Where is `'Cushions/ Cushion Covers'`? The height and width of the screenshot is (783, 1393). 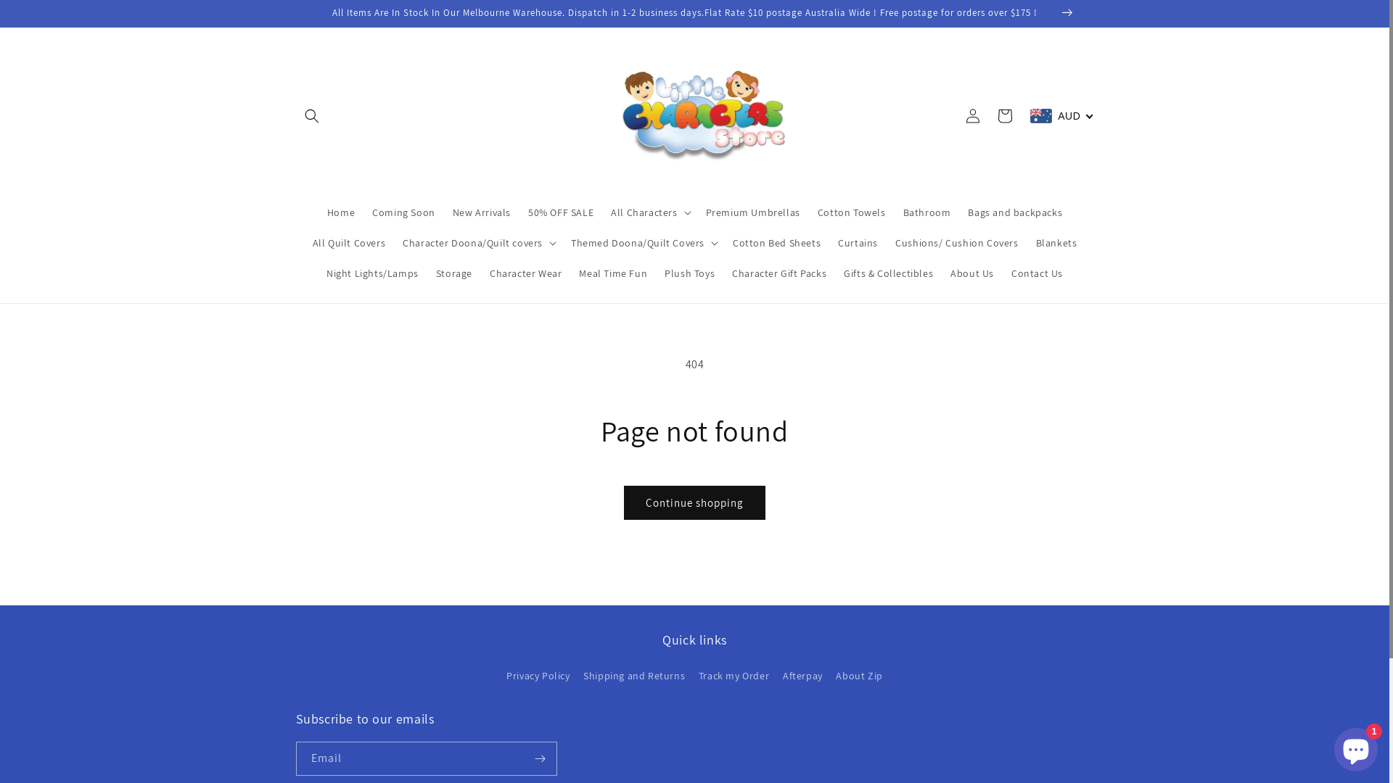 'Cushions/ Cushion Covers' is located at coordinates (956, 242).